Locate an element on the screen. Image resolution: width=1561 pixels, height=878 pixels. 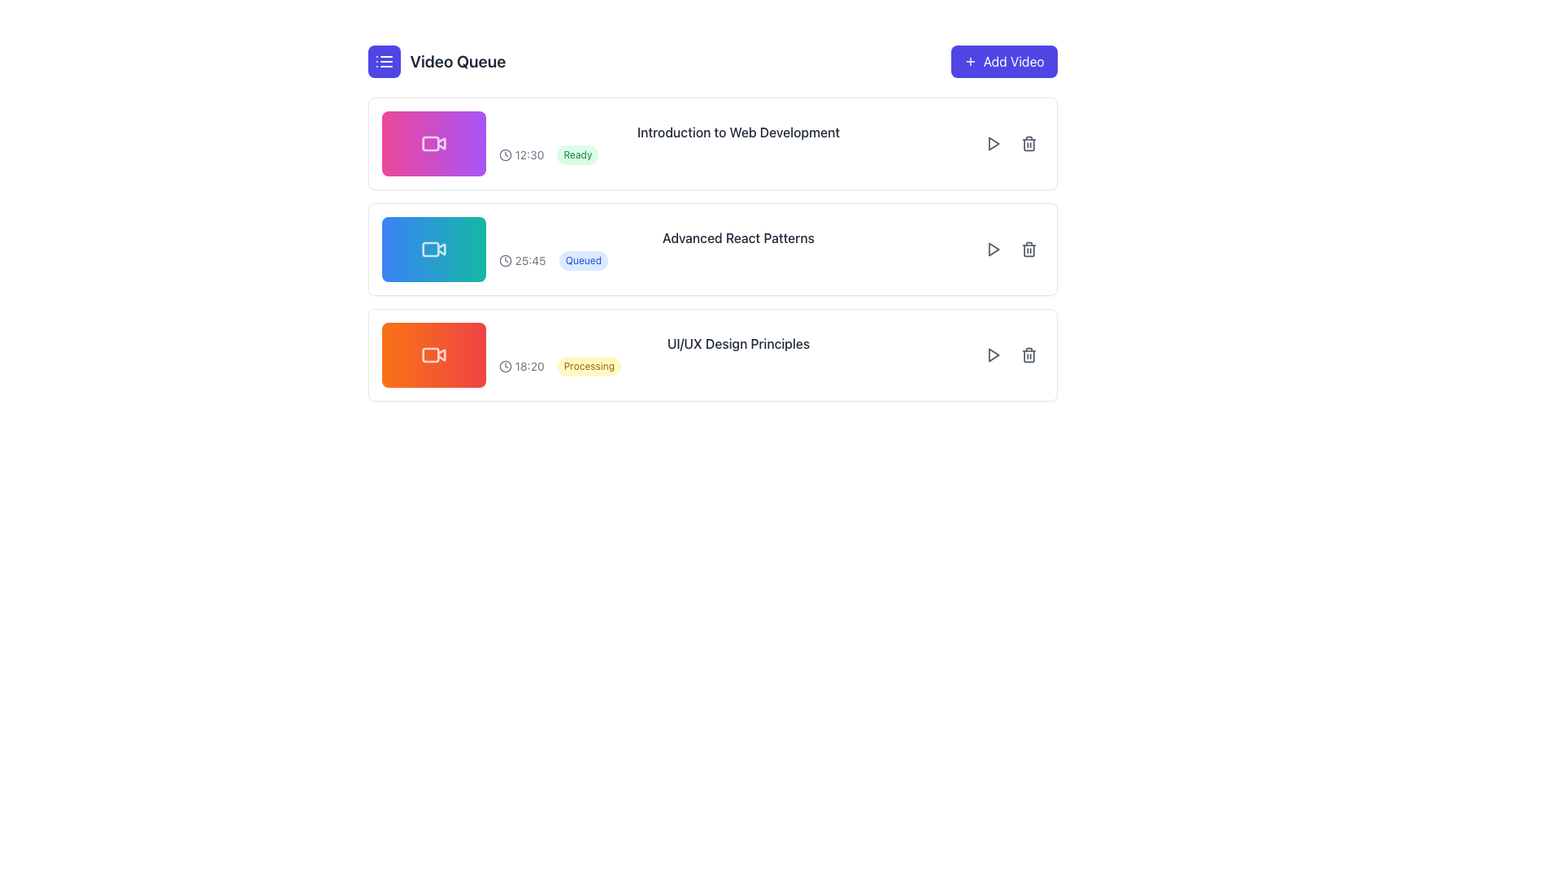
the button located next to the text 'Video Queue', which represents the list view functionality in the video management system is located at coordinates (383, 61).